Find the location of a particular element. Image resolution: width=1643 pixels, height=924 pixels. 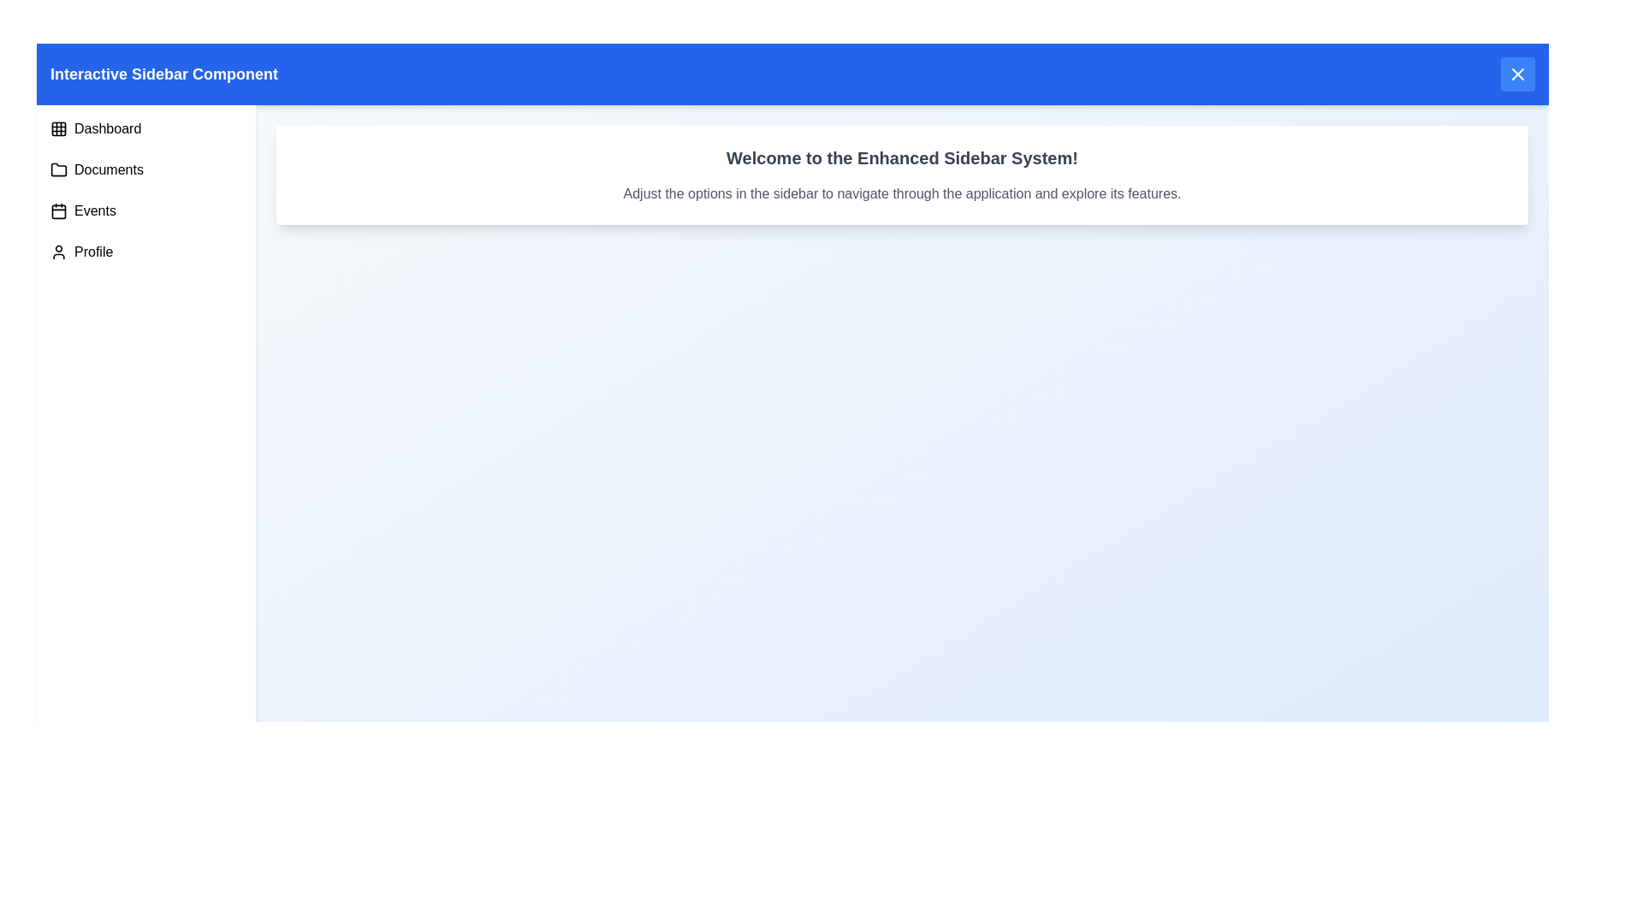

the user profile icon located in the sidebar under the 'Interactive Sidebar Component', positioned to the left of the 'Profile' text label is located at coordinates (58, 252).